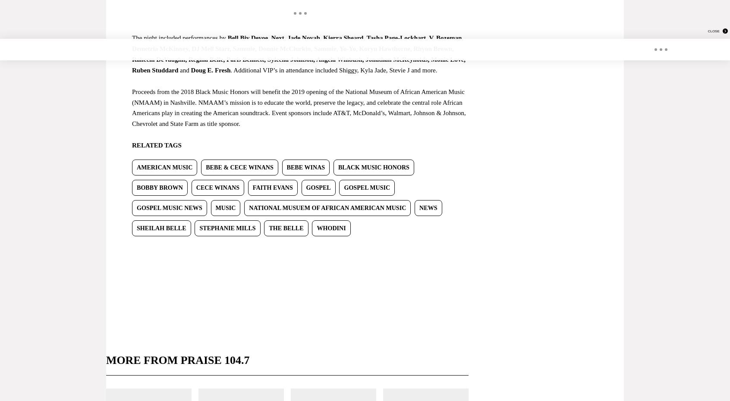 The height and width of the screenshot is (401, 730). What do you see at coordinates (299, 107) in the screenshot?
I see `'Proceeds from the 2018 Black Music Honors will benefit the 2019 opening of the National Museum of African American Music (NMAAM) in Nashville. NMAAM’s mission is to educate the world, preserve the legacy, and celebrate the central role African Americans play in creating the American soundtrack. Event sponsors include AT&T, McDonald’s, Walmart, Johnson & Johnson, Chevrolet and State Farm as title sponsor.'` at bounding box center [299, 107].